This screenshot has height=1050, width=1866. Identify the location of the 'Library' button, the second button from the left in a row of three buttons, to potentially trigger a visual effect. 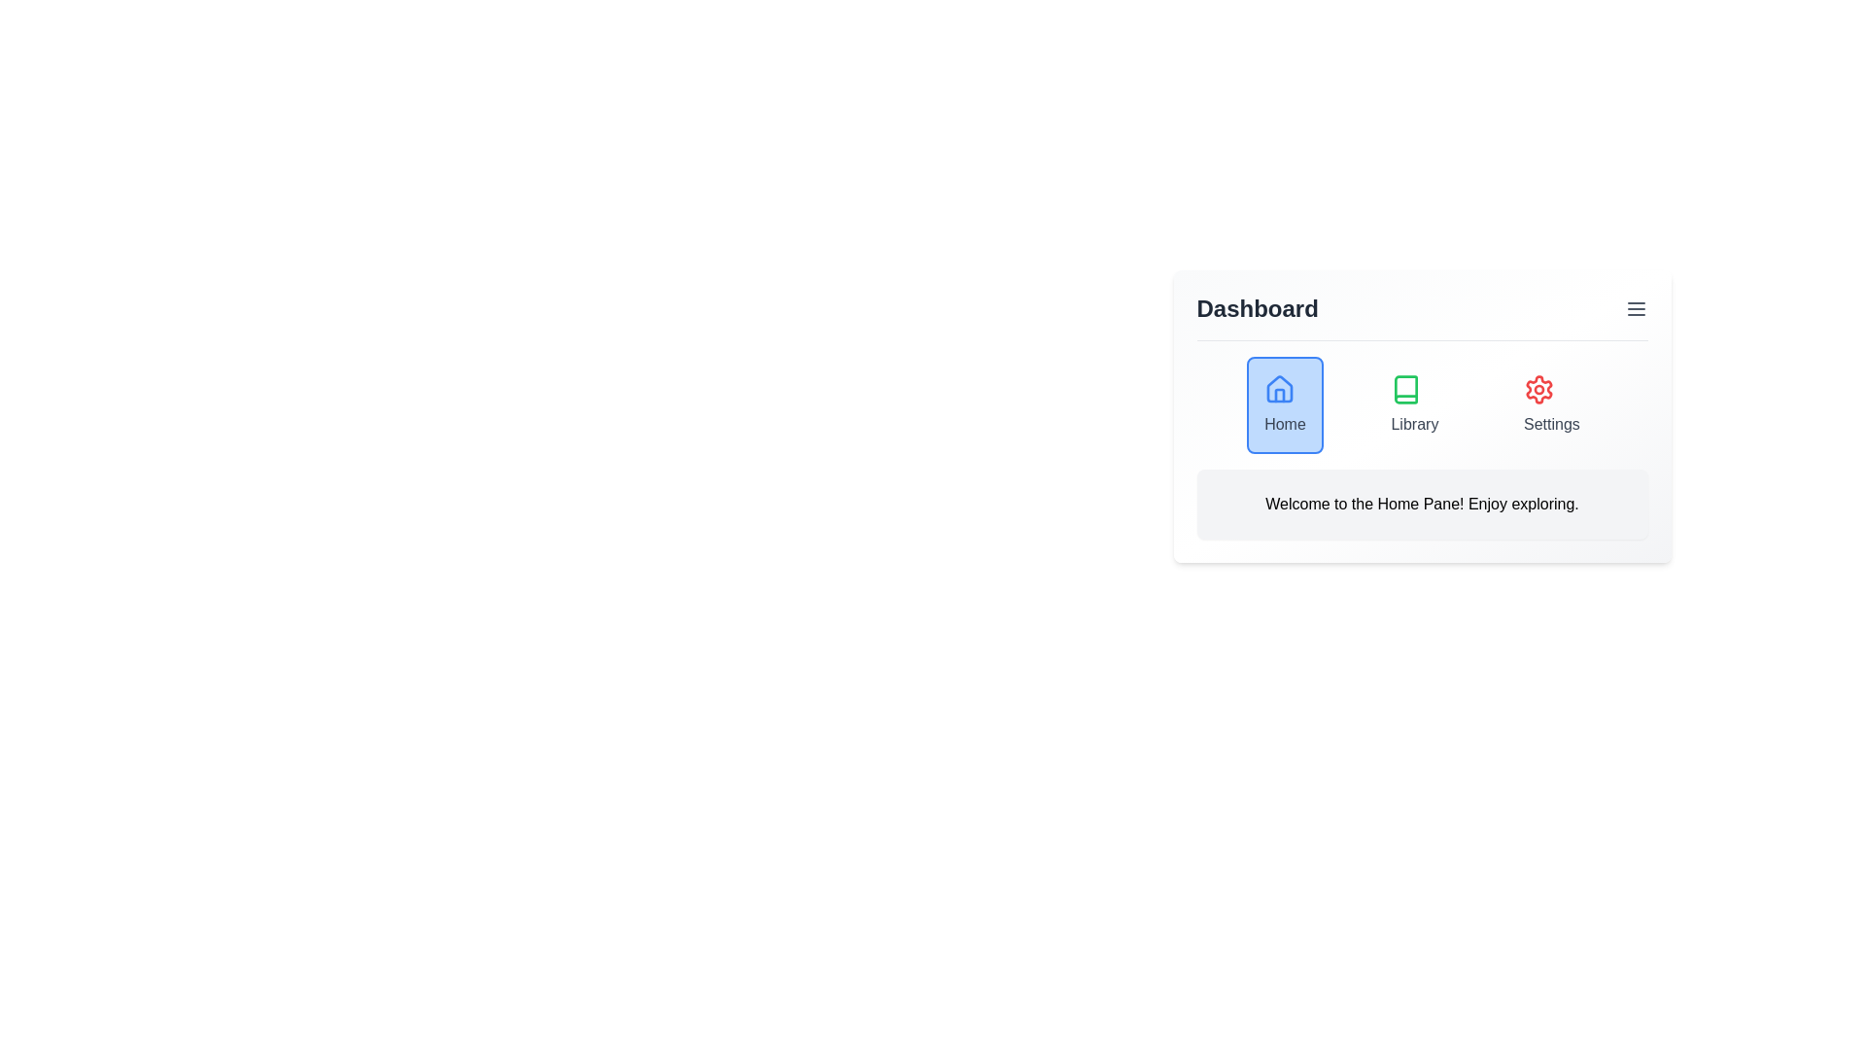
(1414, 403).